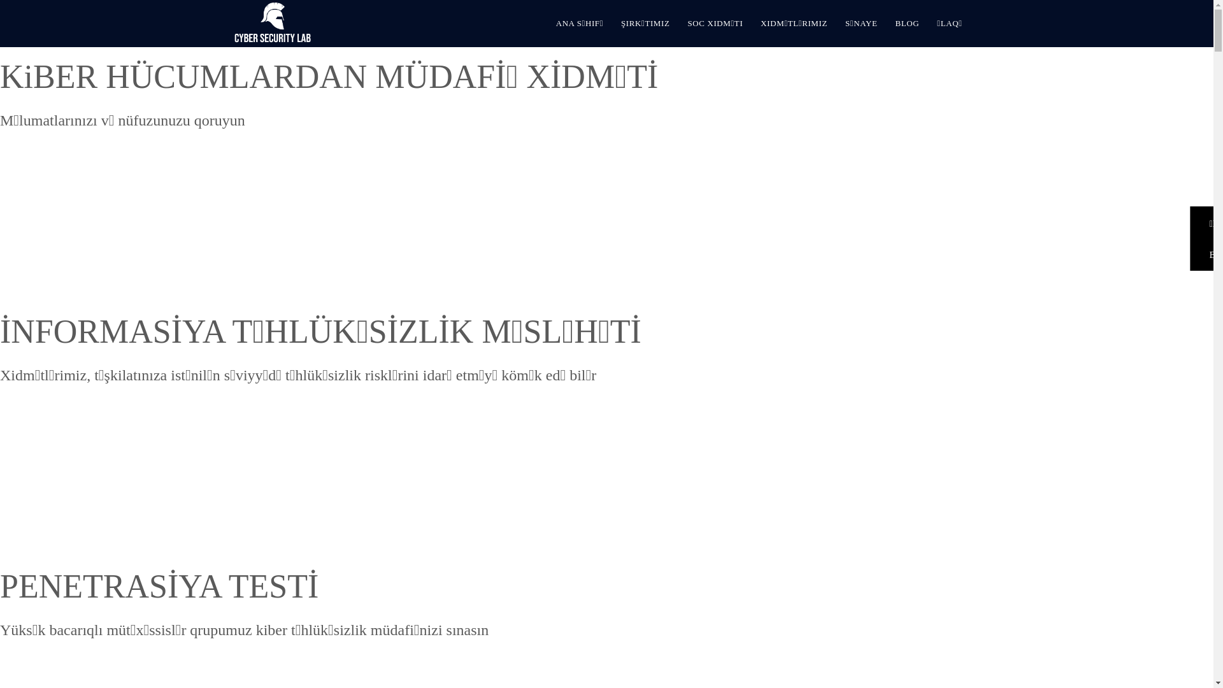  Describe the element at coordinates (906, 24) in the screenshot. I see `'BLOG'` at that location.